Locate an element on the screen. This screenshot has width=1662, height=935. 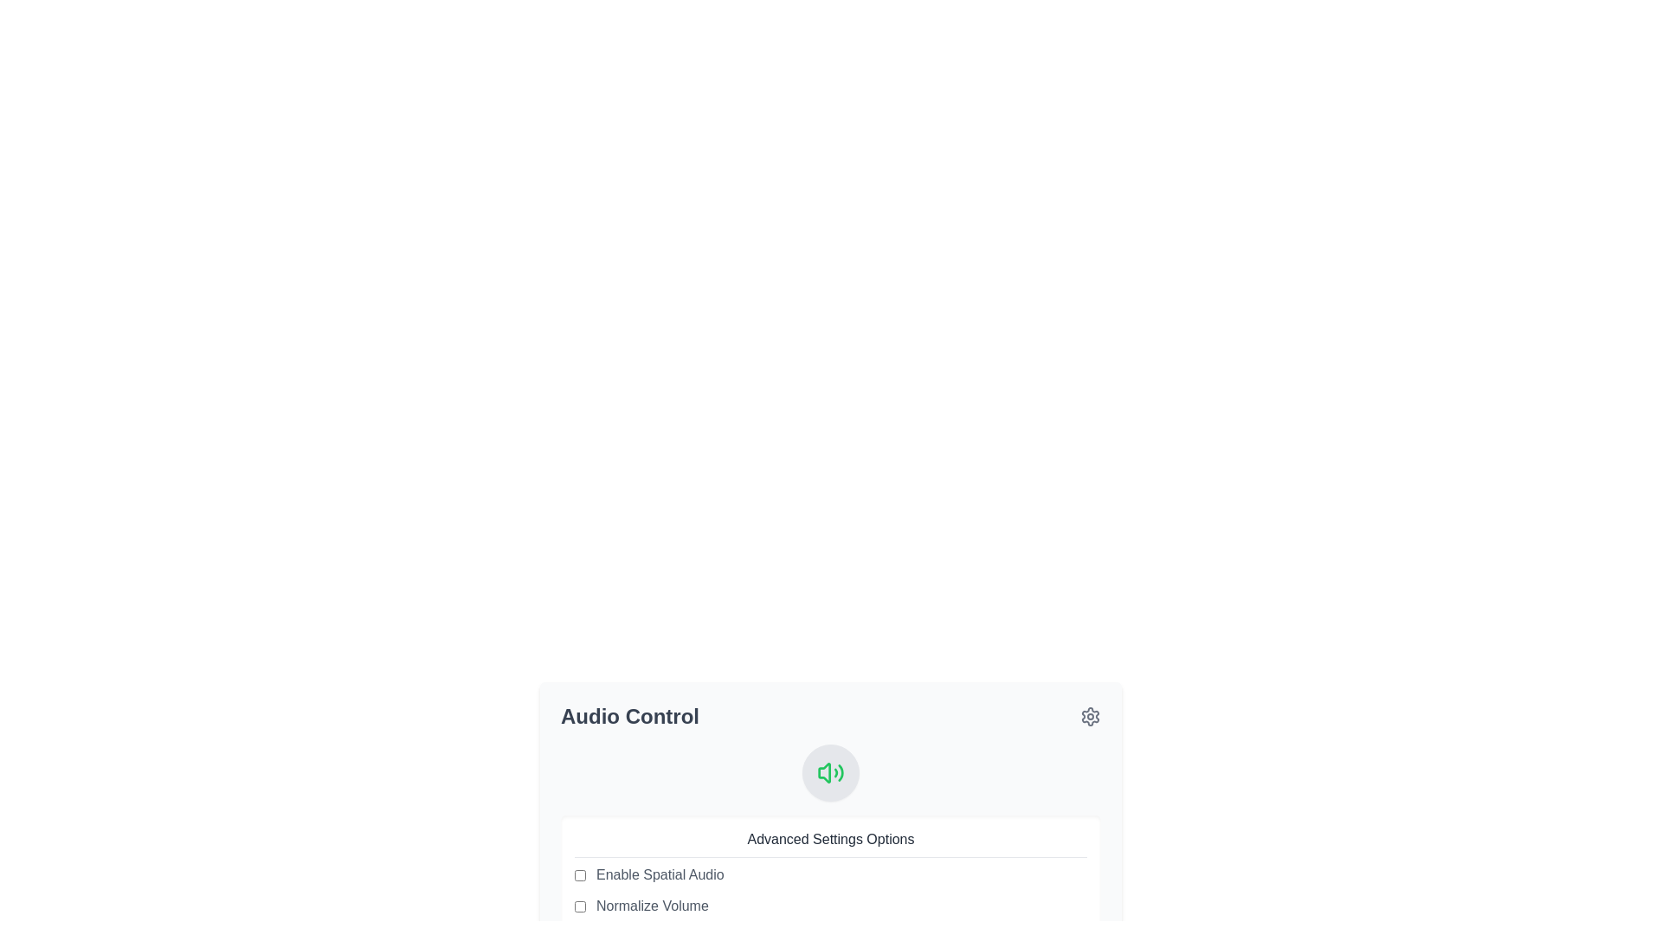
the checkbox labeled for toggling the spatial audio feature located near the top of the audio settings options list is located at coordinates (831, 874).